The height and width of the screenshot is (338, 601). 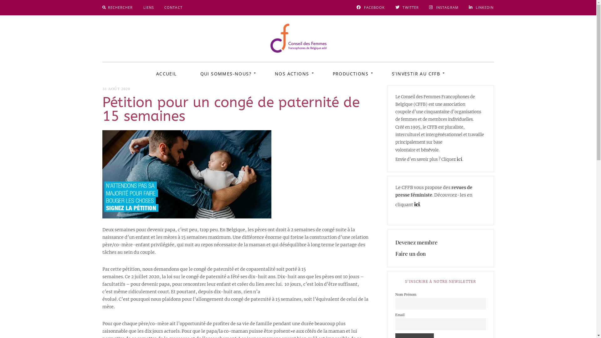 What do you see at coordinates (371, 8) in the screenshot?
I see `'FACEBOOK'` at bounding box center [371, 8].